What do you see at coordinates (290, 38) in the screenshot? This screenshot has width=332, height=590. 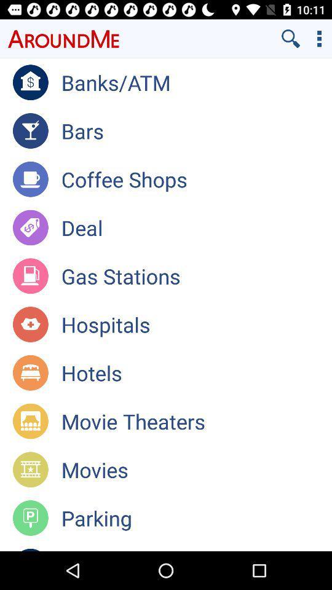 I see `the search icon` at bounding box center [290, 38].